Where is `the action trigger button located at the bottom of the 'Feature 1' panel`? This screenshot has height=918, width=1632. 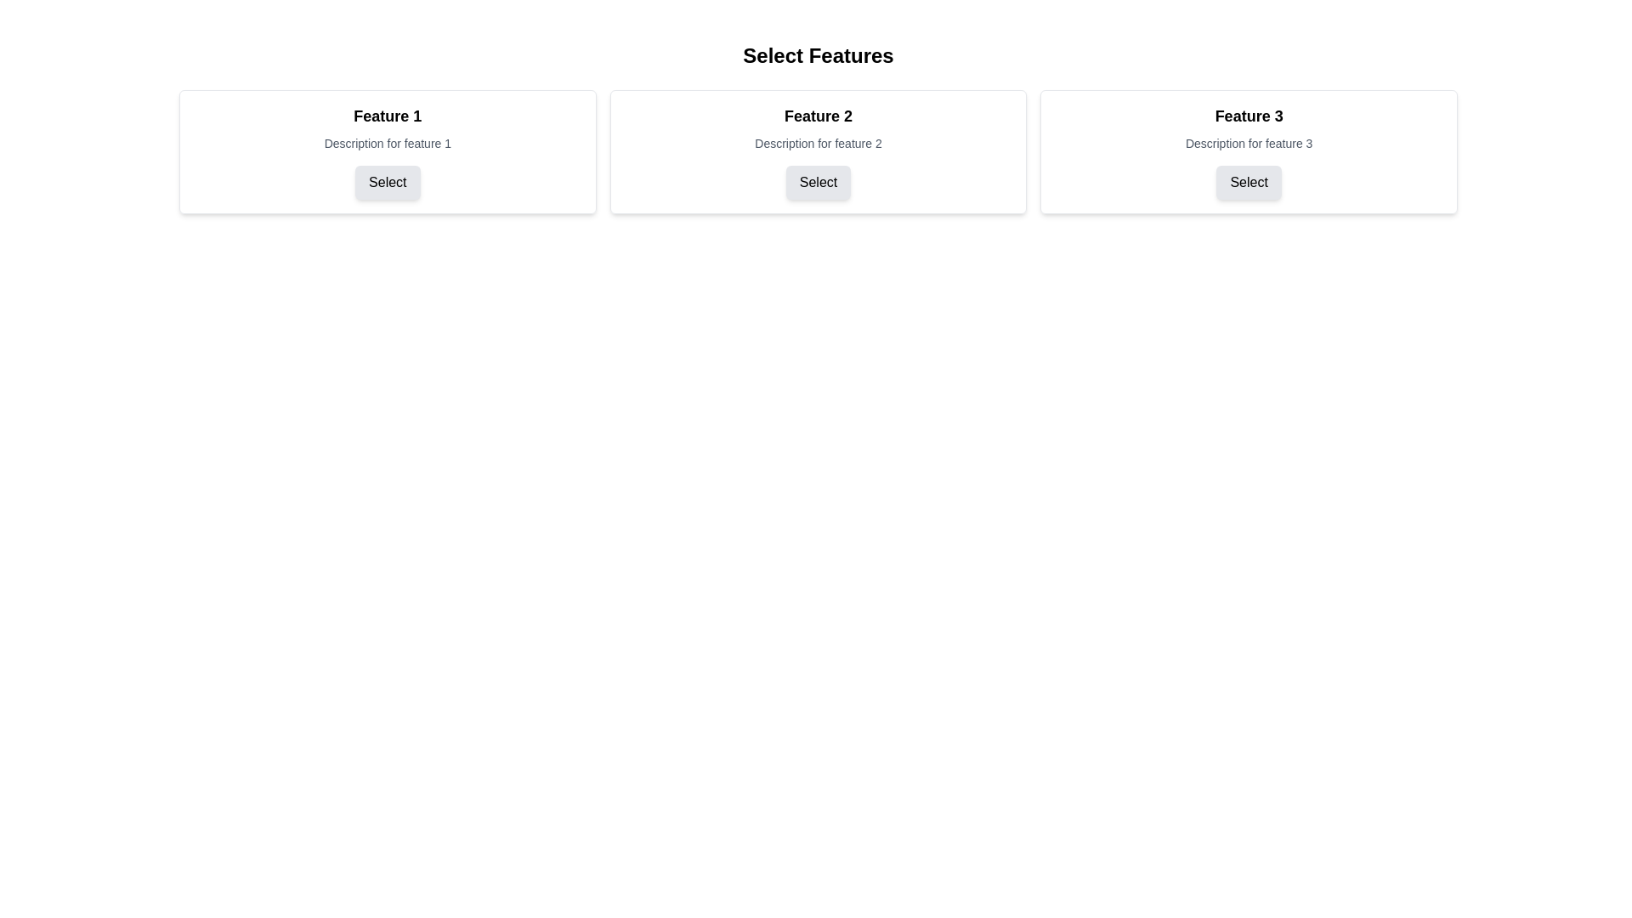 the action trigger button located at the bottom of the 'Feature 1' panel is located at coordinates (387, 183).